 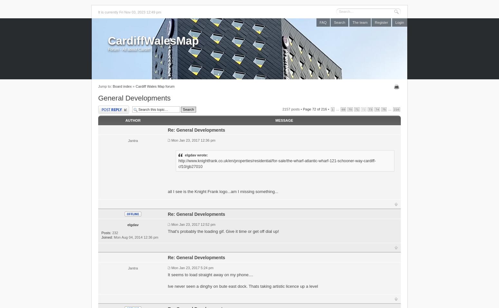 I want to click on 'Login', so click(x=399, y=22).